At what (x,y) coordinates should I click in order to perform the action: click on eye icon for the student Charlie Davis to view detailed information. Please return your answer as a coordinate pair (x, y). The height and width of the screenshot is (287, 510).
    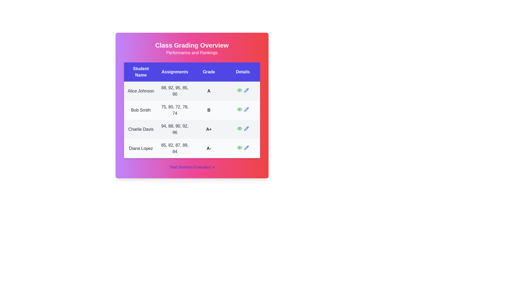
    Looking at the image, I should click on (239, 128).